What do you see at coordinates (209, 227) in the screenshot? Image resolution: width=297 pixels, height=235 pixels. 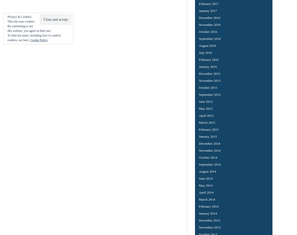 I see `'November 2013'` at bounding box center [209, 227].